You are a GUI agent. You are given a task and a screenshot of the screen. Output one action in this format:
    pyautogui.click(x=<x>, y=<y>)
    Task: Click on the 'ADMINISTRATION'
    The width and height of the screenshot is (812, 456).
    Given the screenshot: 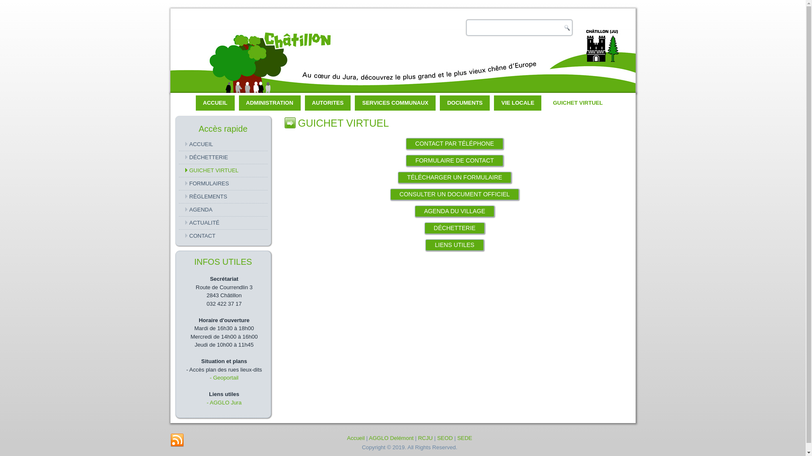 What is the action you would take?
    pyautogui.click(x=269, y=102)
    